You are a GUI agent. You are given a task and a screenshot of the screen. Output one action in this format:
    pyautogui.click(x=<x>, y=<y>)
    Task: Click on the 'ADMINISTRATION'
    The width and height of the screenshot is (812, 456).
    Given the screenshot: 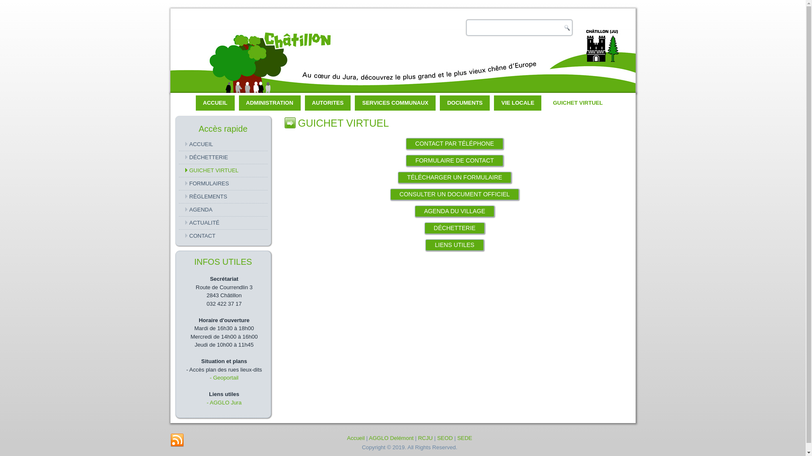 What is the action you would take?
    pyautogui.click(x=269, y=102)
    